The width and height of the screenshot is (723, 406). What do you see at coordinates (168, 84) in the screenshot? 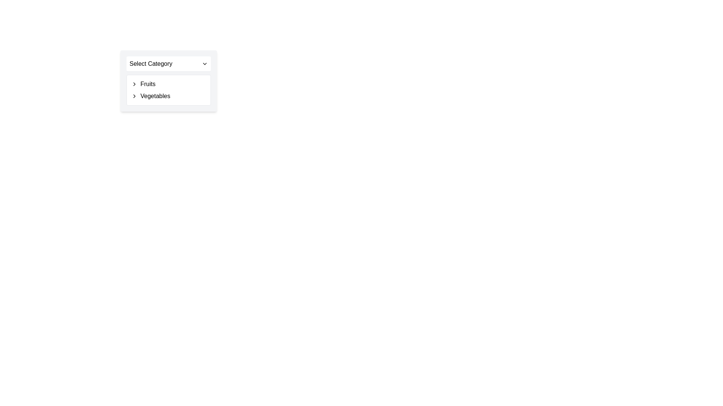
I see `the selectable item labeled 'Fruits' within the category list` at bounding box center [168, 84].